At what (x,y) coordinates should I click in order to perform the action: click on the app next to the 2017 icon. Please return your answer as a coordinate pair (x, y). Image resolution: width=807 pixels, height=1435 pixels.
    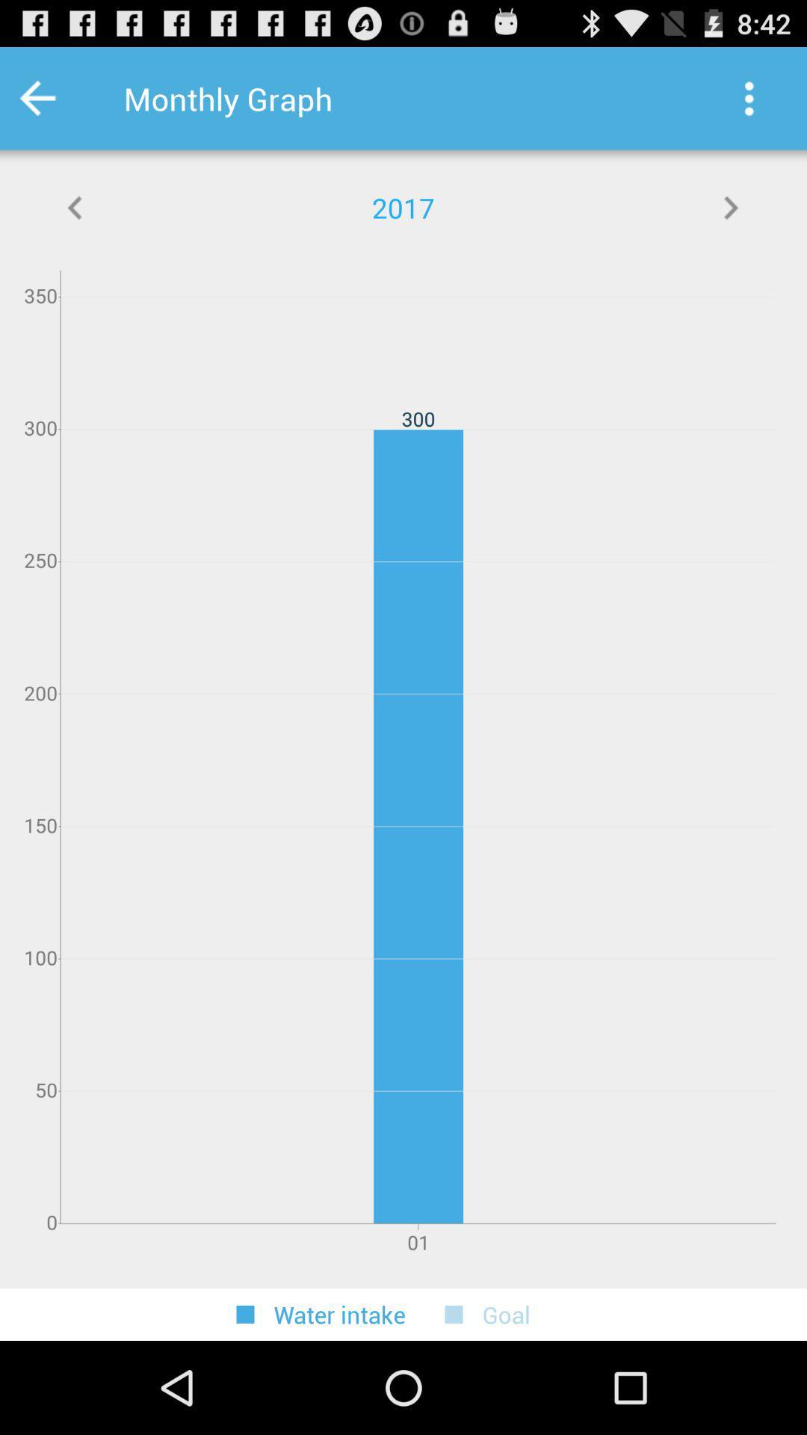
    Looking at the image, I should click on (730, 207).